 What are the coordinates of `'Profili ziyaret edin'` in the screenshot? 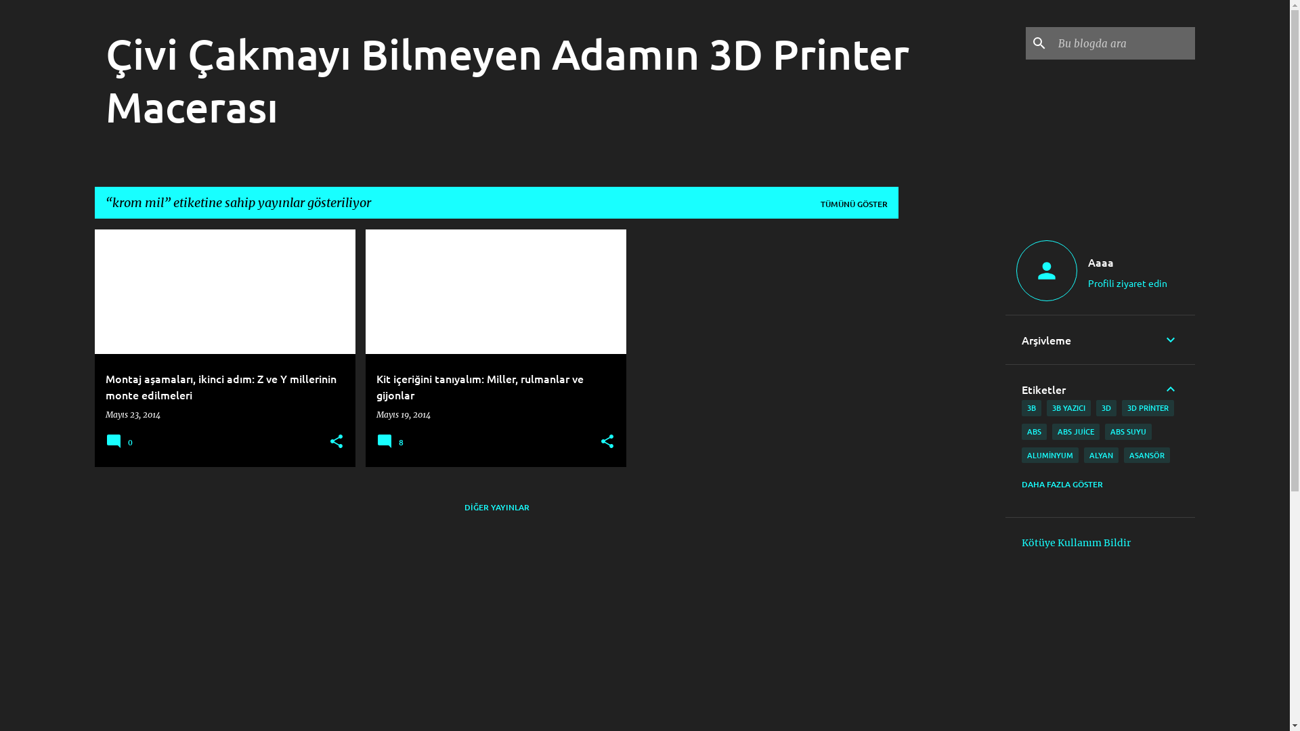 It's located at (1127, 282).